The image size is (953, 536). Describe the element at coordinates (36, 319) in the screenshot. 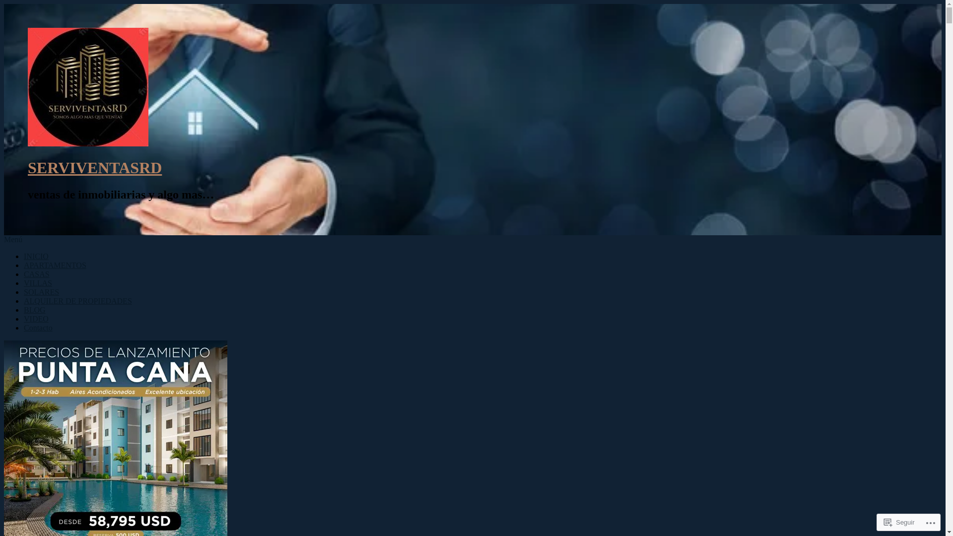

I see `'VIDEO'` at that location.